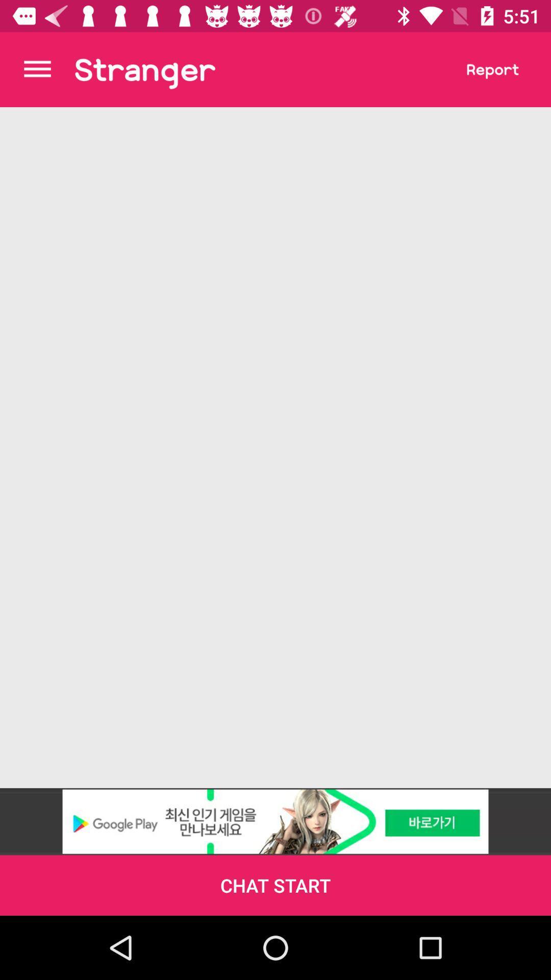 The height and width of the screenshot is (980, 551). What do you see at coordinates (145, 69) in the screenshot?
I see `one` at bounding box center [145, 69].